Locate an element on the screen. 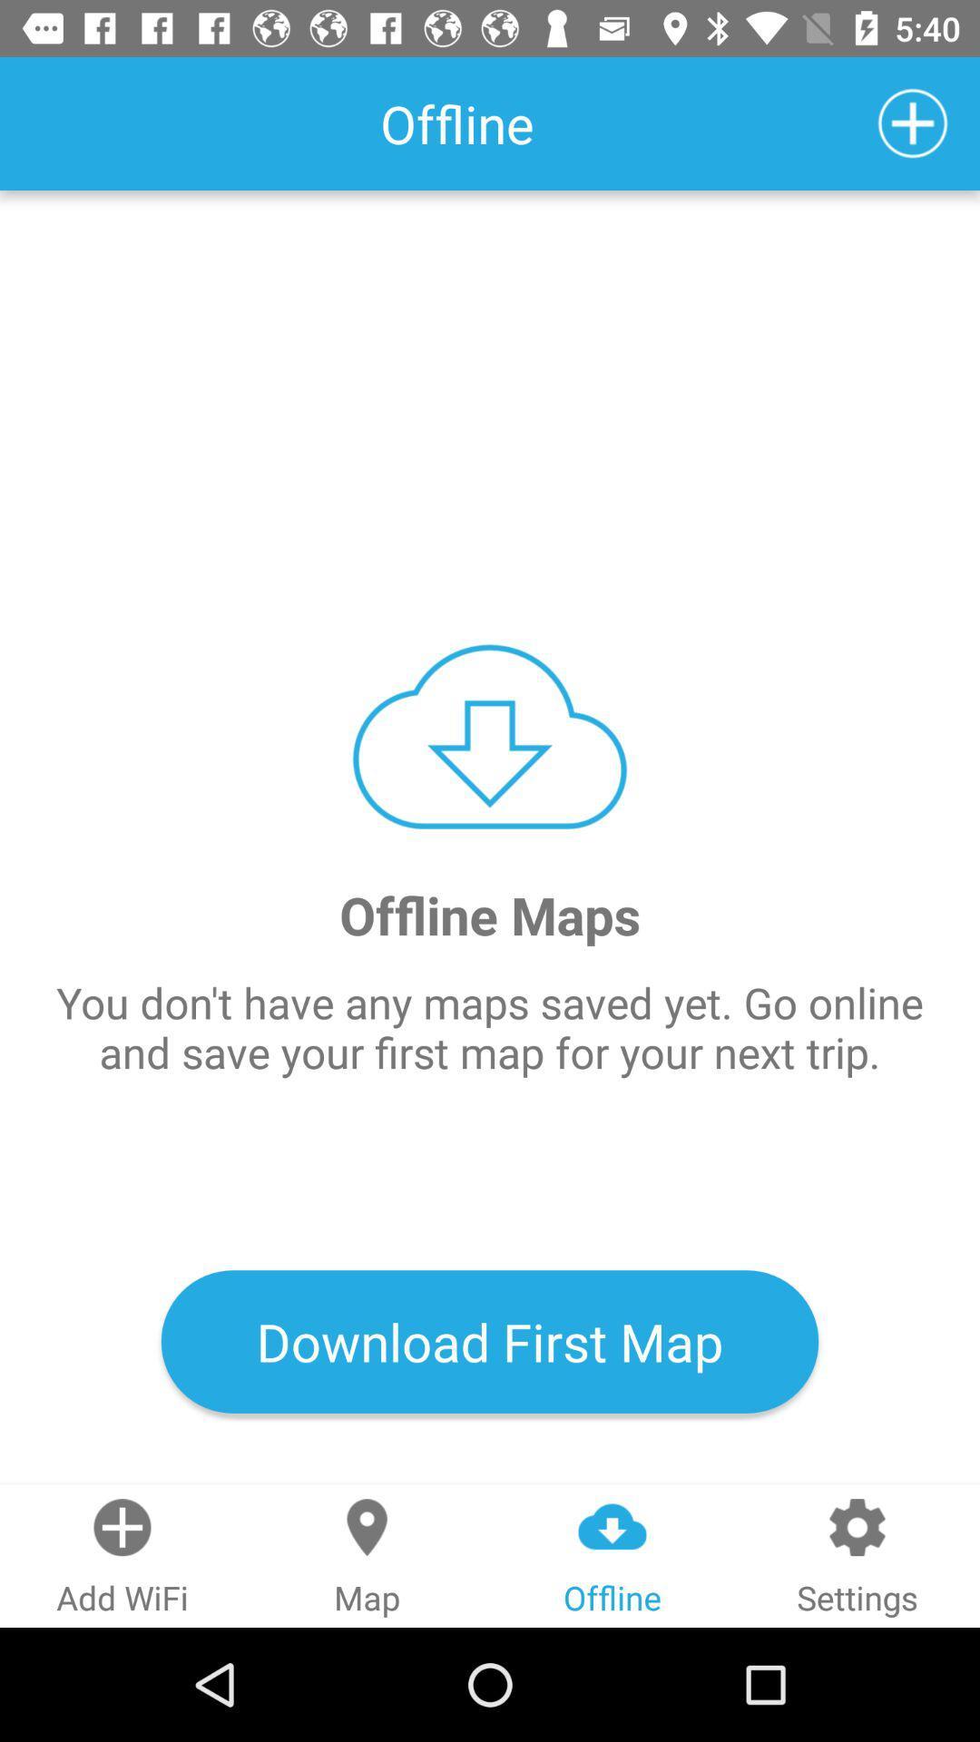 This screenshot has height=1742, width=980. the option map on the bottom of the page is located at coordinates (367, 1555).